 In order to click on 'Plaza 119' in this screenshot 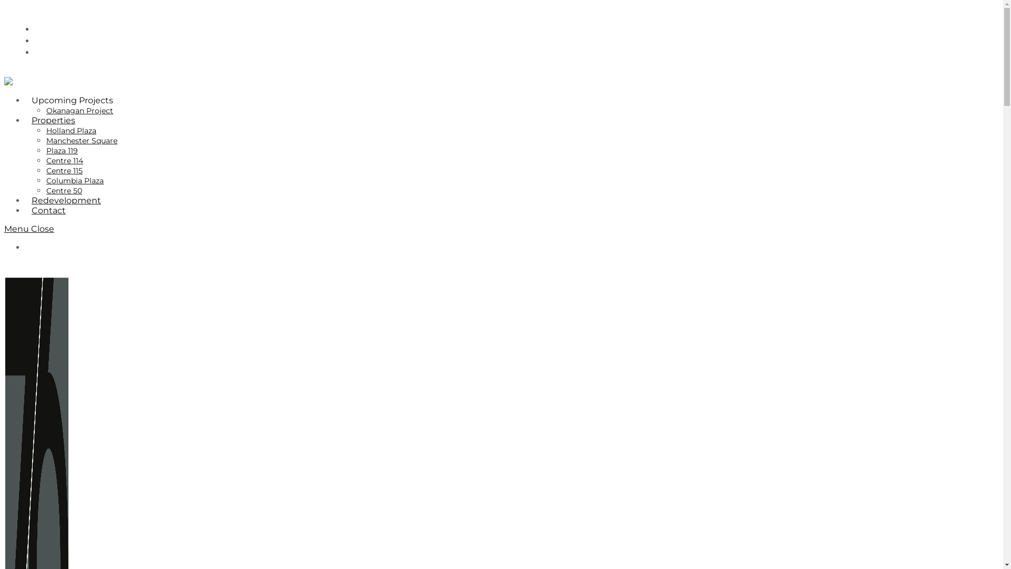, I will do `click(62, 150)`.